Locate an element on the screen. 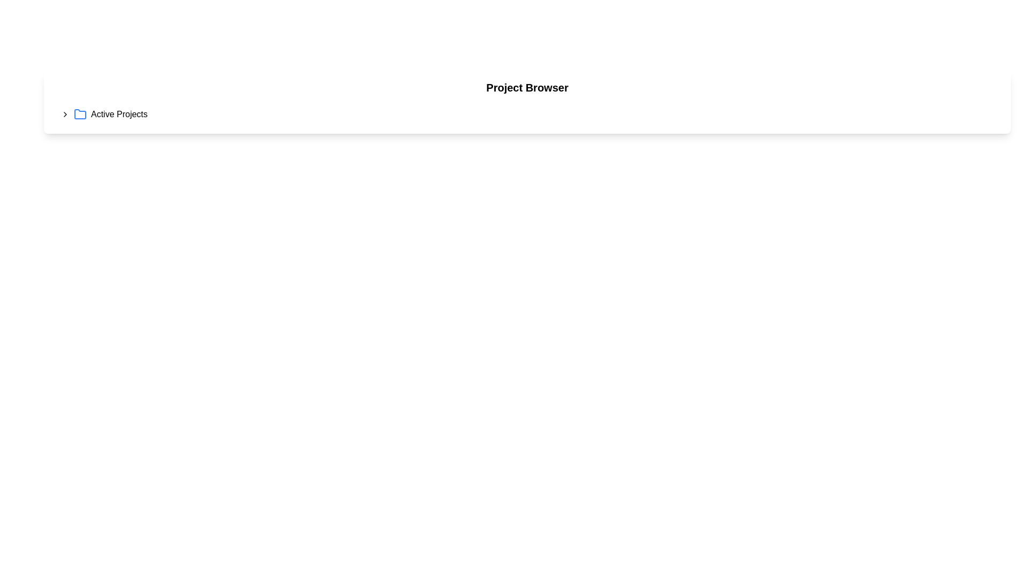 This screenshot has width=1028, height=578. the Text Label that indicates the current active projects, located next to a blue folder icon in the top-left quadrant of the main interface is located at coordinates (119, 114).